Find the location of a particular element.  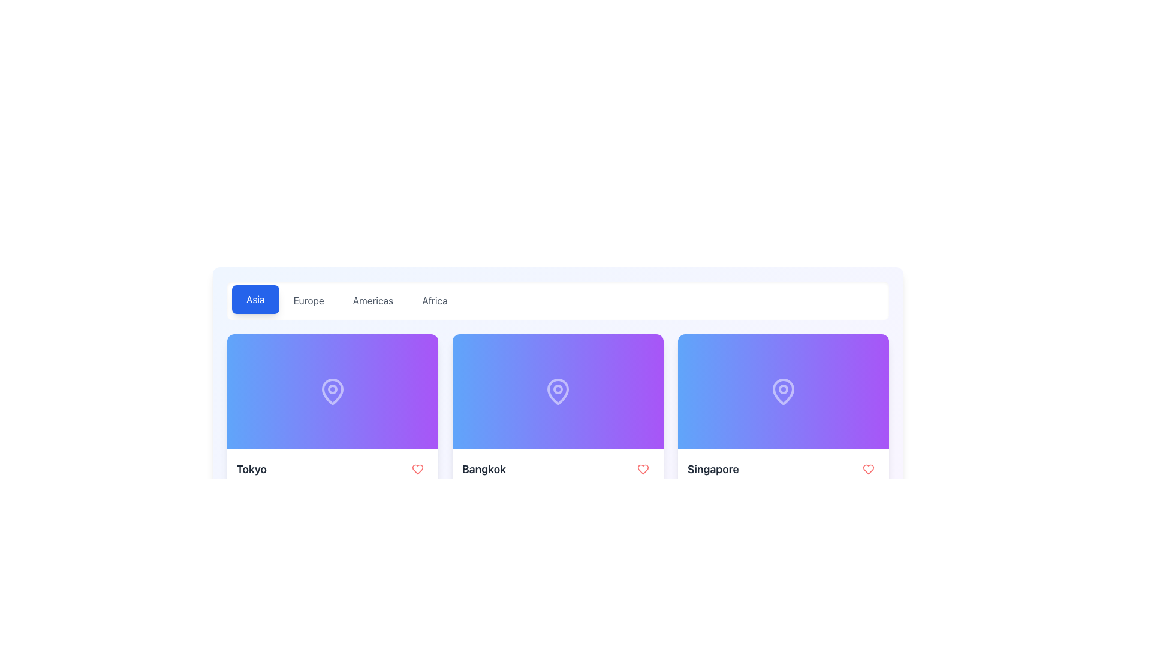

the SVG icon representation of a map pin located under the 'Tokyo' label on the first card in the row is located at coordinates (333, 392).